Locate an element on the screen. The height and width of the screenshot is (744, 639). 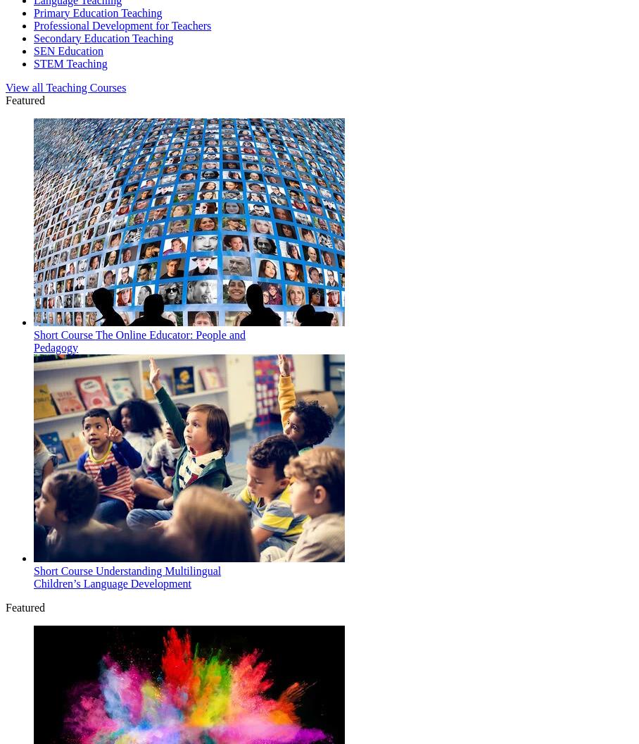
'View all Teaching Courses' is located at coordinates (65, 86).